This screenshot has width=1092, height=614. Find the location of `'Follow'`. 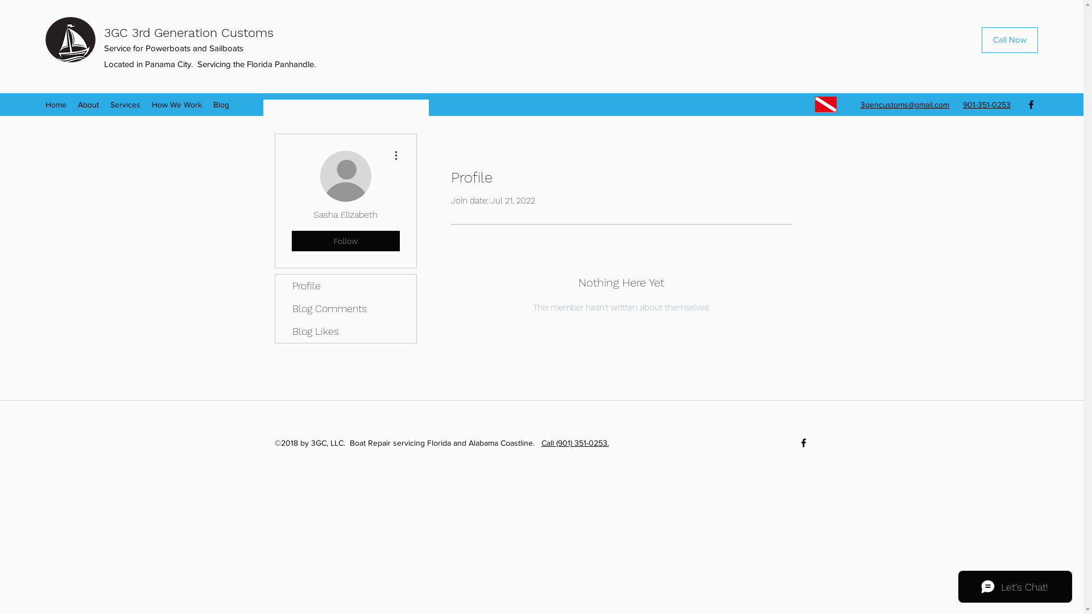

'Follow' is located at coordinates (344, 240).